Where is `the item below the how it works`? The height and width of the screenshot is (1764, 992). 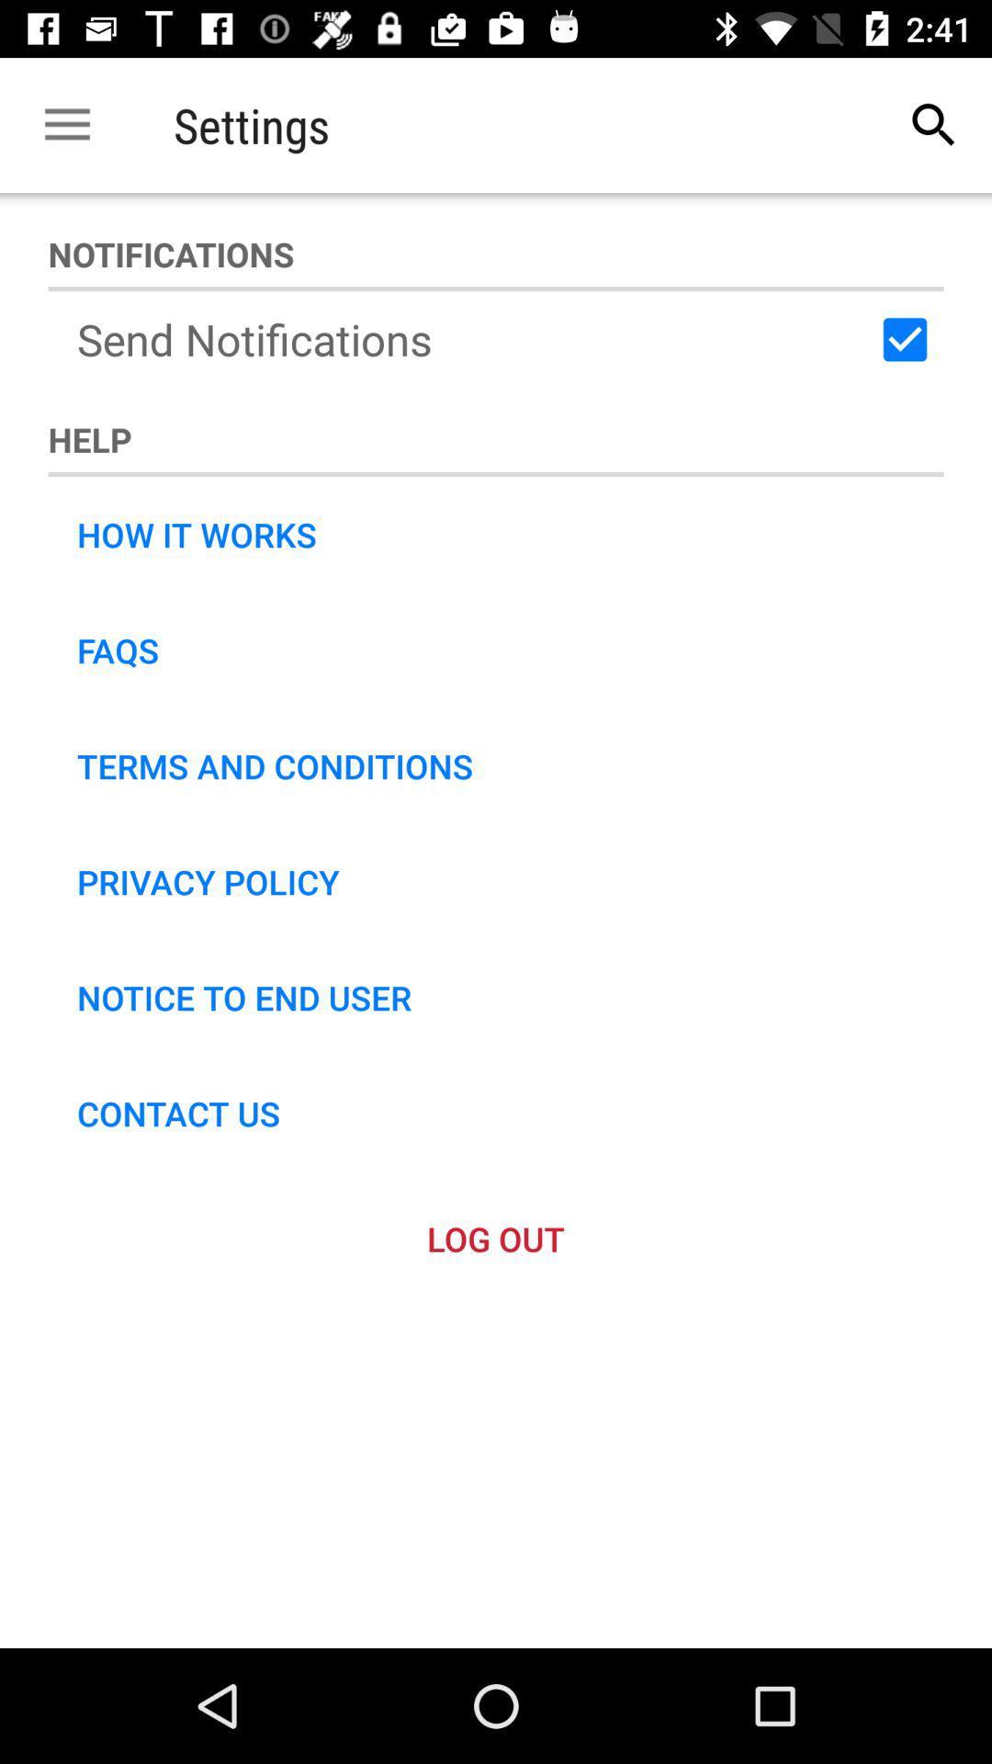 the item below the how it works is located at coordinates (118, 650).